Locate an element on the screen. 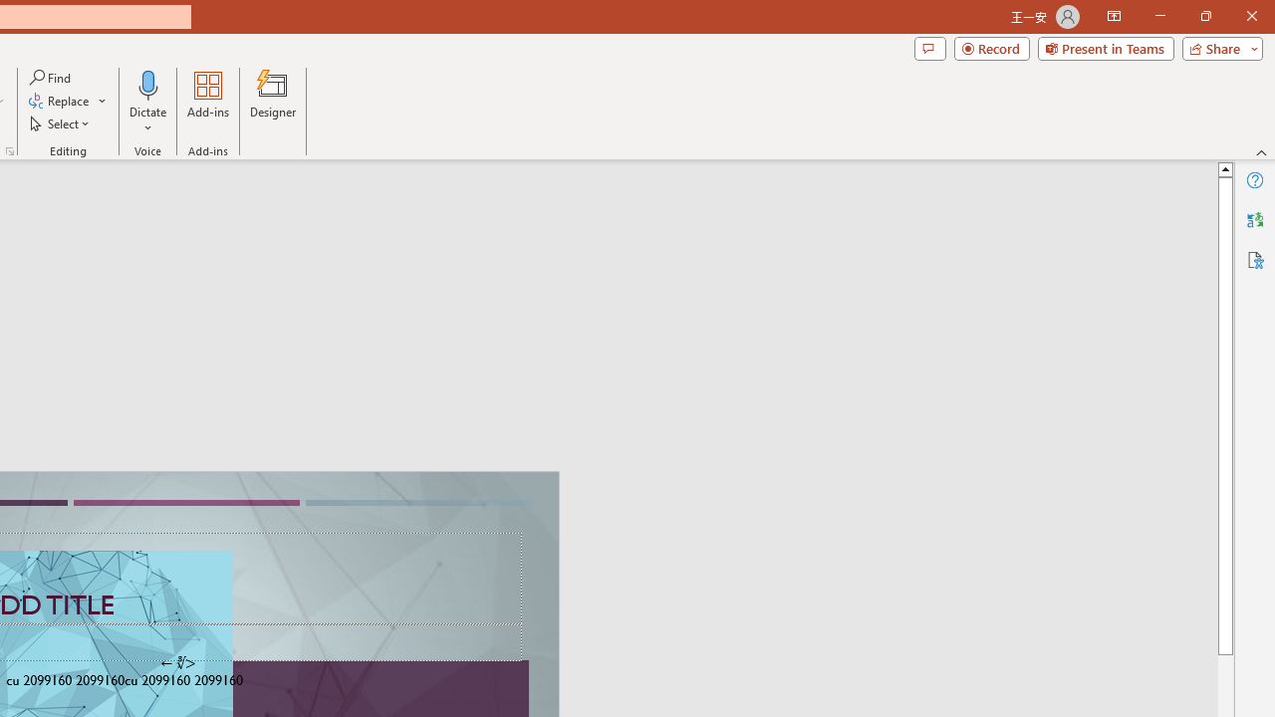 The image size is (1275, 717). 'Select' is located at coordinates (61, 123).